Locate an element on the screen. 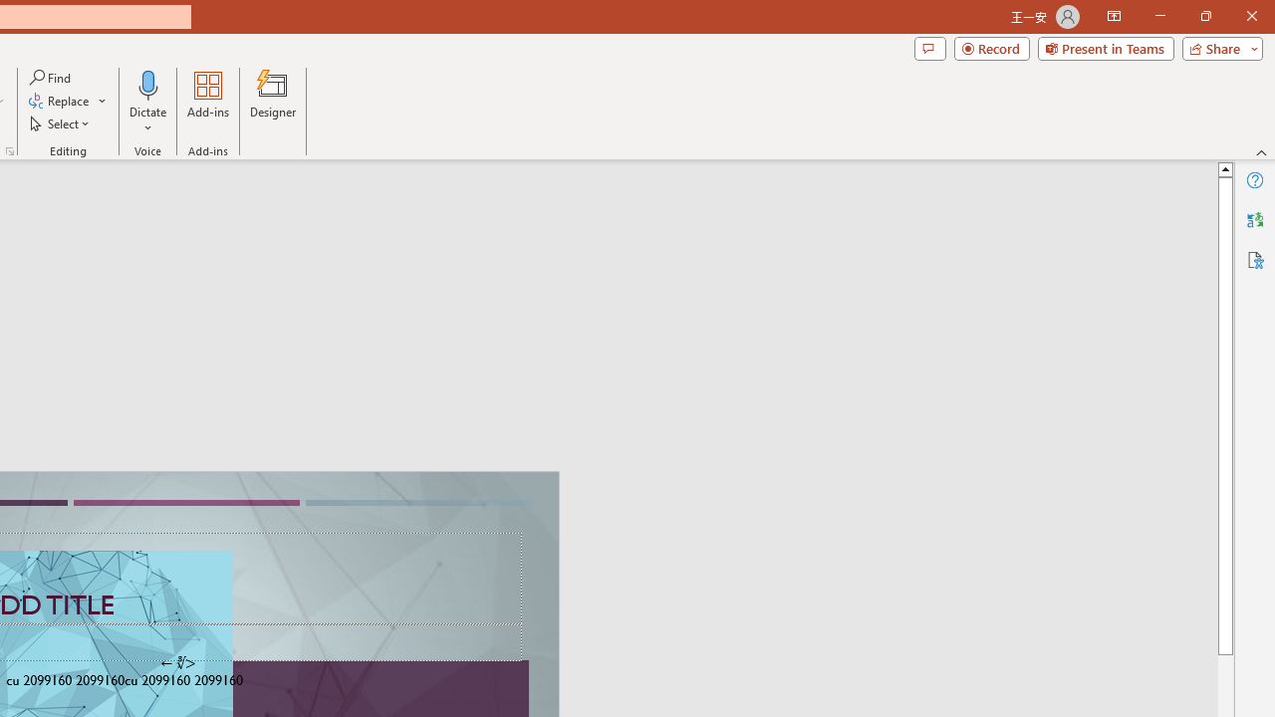 The image size is (1275, 717). 'Select' is located at coordinates (61, 123).